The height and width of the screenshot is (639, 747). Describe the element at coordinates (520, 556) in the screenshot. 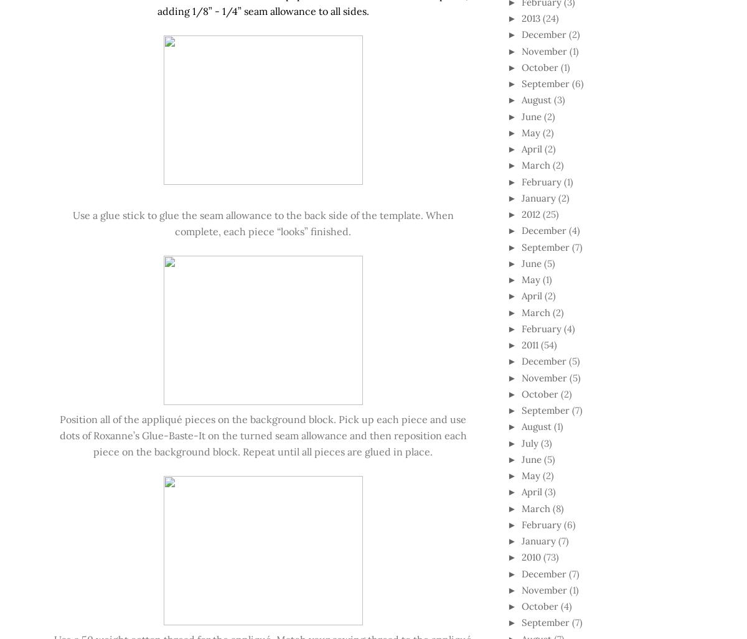

I see `'2010'` at that location.